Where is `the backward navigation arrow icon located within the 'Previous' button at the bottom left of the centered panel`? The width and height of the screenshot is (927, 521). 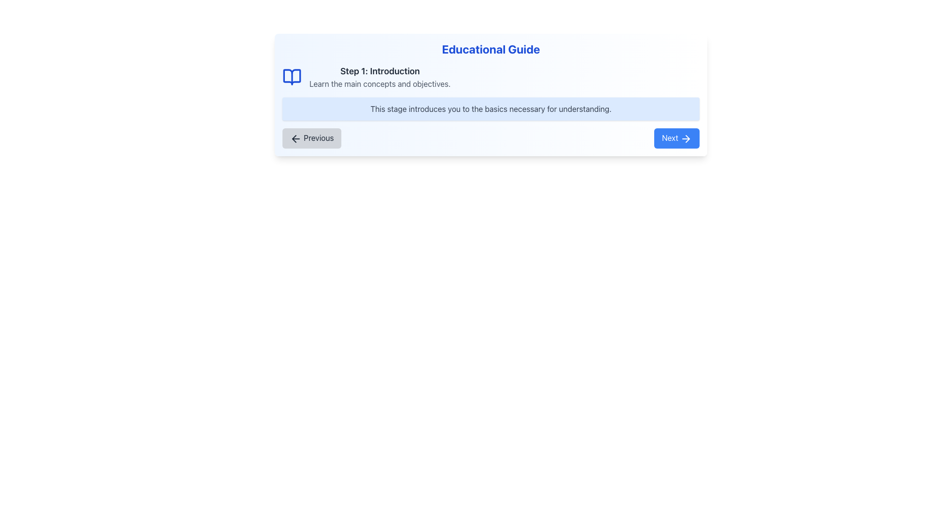 the backward navigation arrow icon located within the 'Previous' button at the bottom left of the centered panel is located at coordinates (295, 138).